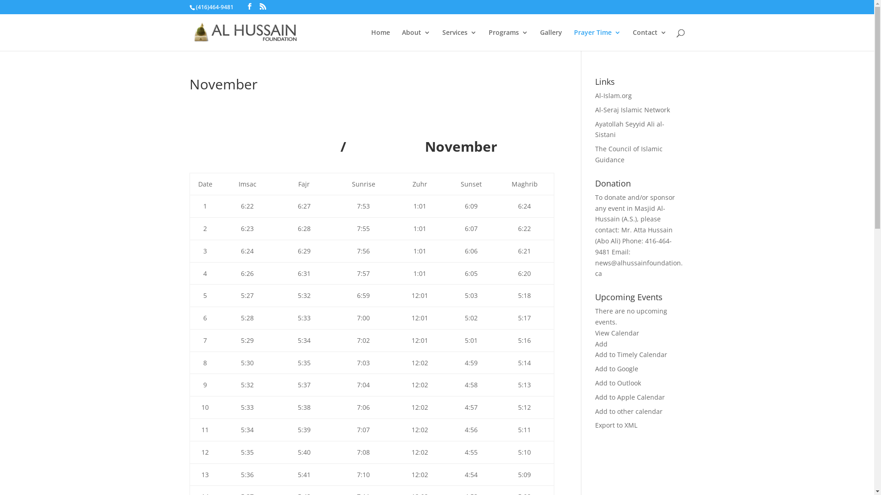  Describe the element at coordinates (630, 354) in the screenshot. I see `'Add to Timely Calendar'` at that location.